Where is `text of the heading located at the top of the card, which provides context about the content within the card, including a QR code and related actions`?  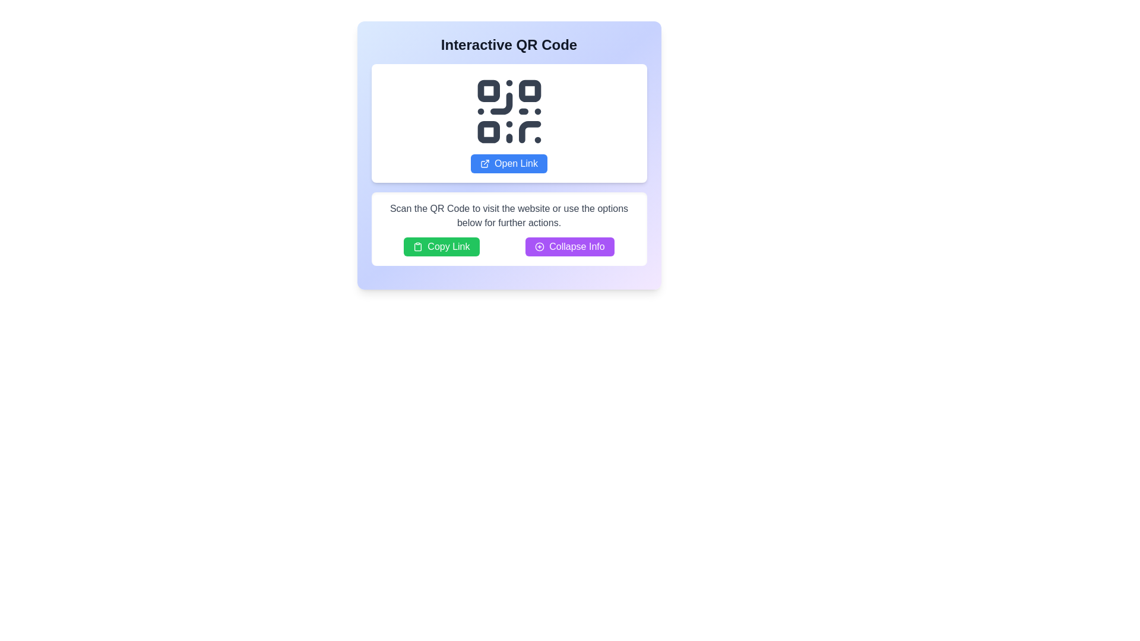
text of the heading located at the top of the card, which provides context about the content within the card, including a QR code and related actions is located at coordinates (509, 45).